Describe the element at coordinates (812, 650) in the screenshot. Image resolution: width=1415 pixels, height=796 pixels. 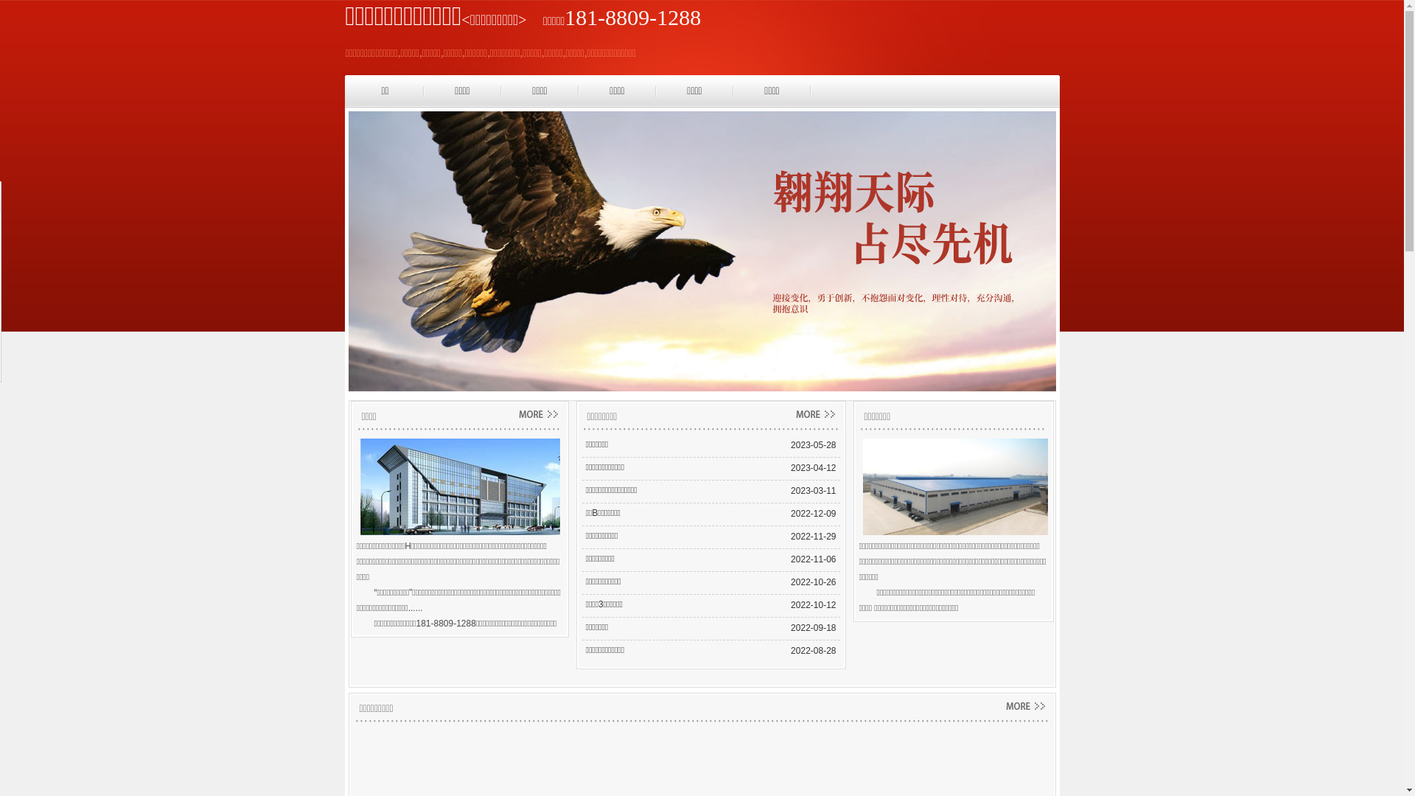
I see `'2022-08-28'` at that location.